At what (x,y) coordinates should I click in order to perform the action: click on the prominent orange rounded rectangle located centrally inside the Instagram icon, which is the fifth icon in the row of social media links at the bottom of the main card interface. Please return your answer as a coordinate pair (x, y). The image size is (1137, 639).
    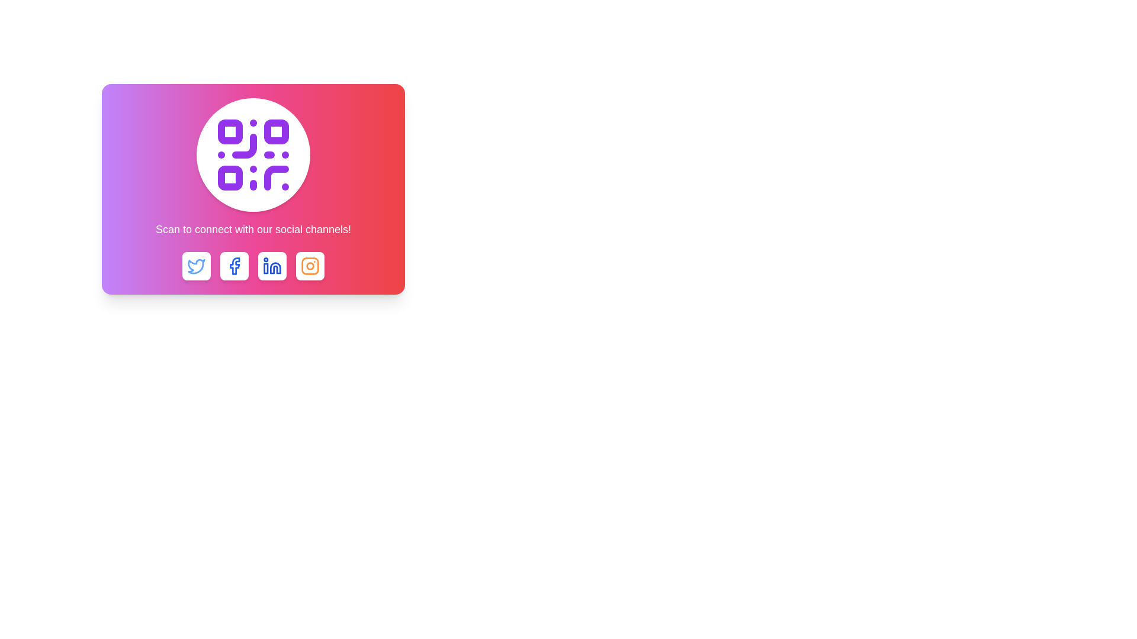
    Looking at the image, I should click on (310, 266).